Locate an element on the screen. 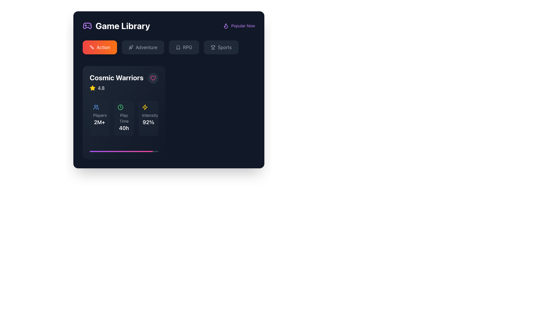 This screenshot has width=559, height=314. the 'Cosmic Warriors' text and icon display component, which features bold white text, a rating of '4.8', a yellow star icon, and a light pink heart icon on a dark background is located at coordinates (124, 82).